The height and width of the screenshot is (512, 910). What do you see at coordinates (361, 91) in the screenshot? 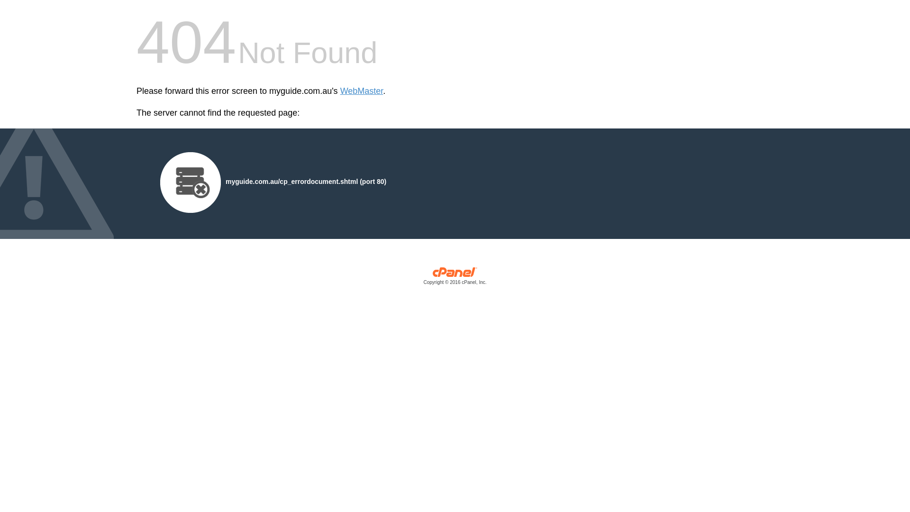
I see `'WebMaster'` at bounding box center [361, 91].